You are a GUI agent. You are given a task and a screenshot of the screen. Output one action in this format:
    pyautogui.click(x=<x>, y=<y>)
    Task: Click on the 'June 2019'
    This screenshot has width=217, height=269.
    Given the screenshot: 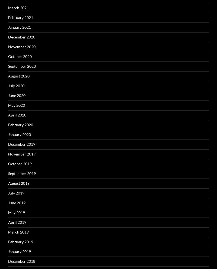 What is the action you would take?
    pyautogui.click(x=8, y=202)
    